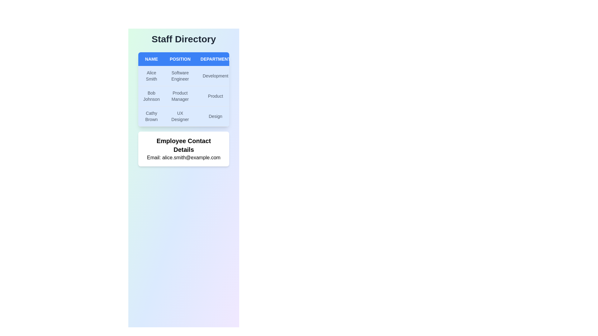  What do you see at coordinates (202, 116) in the screenshot?
I see `the third row of the table displaying user information for 'Cathy Brown', which includes her position as 'UX Designer' and department 'Design'` at bounding box center [202, 116].